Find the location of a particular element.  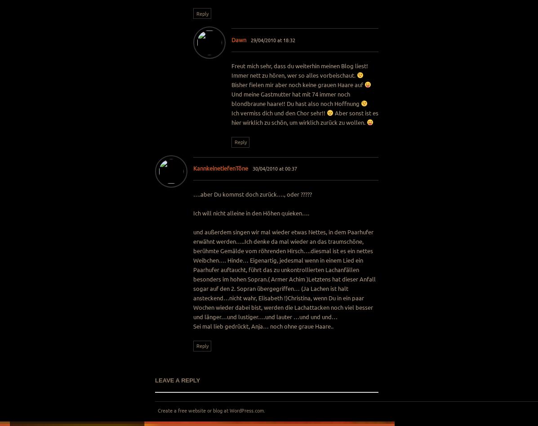

'Leave a Reply' is located at coordinates (178, 380).